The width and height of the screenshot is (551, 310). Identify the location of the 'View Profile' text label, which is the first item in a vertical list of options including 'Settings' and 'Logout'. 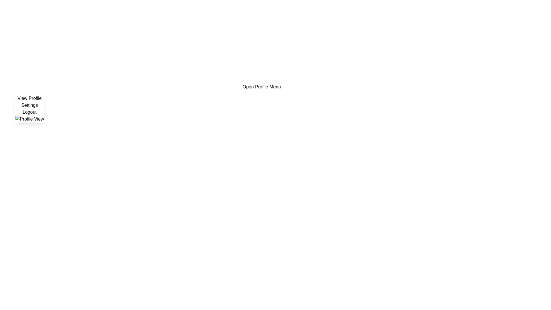
(29, 98).